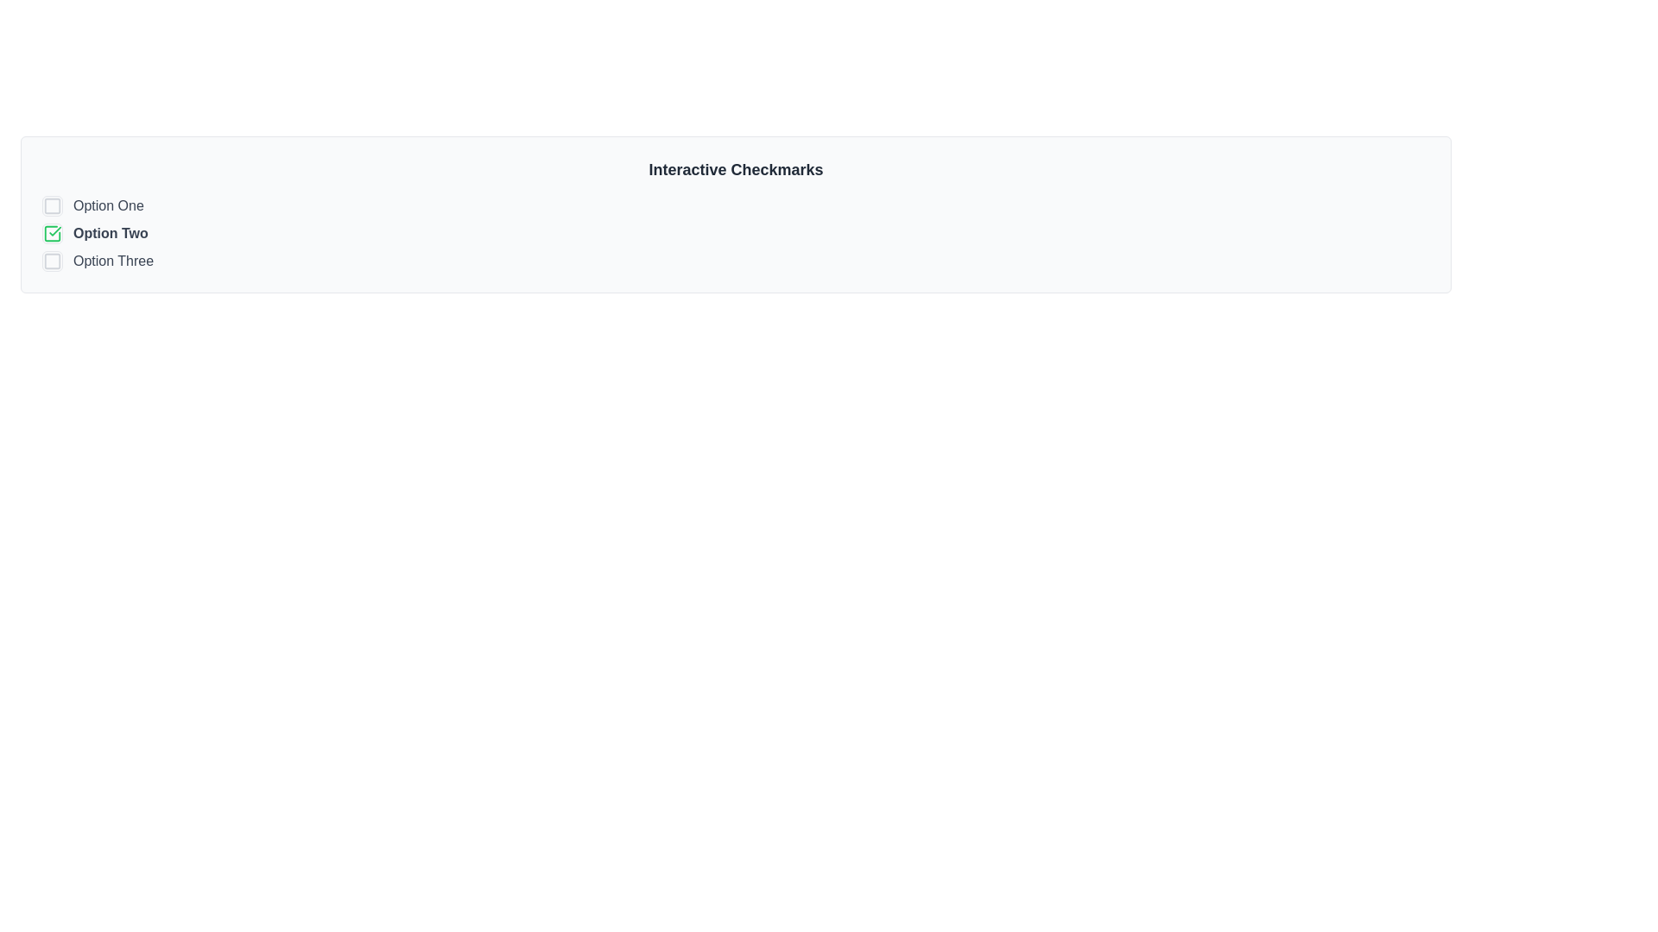 The image size is (1658, 932). What do you see at coordinates (736, 233) in the screenshot?
I see `the vertical list containing selectable items represented as checkboxes located beneath the header 'Interactive Checkmarks' by navigating to it for keyboard interaction` at bounding box center [736, 233].